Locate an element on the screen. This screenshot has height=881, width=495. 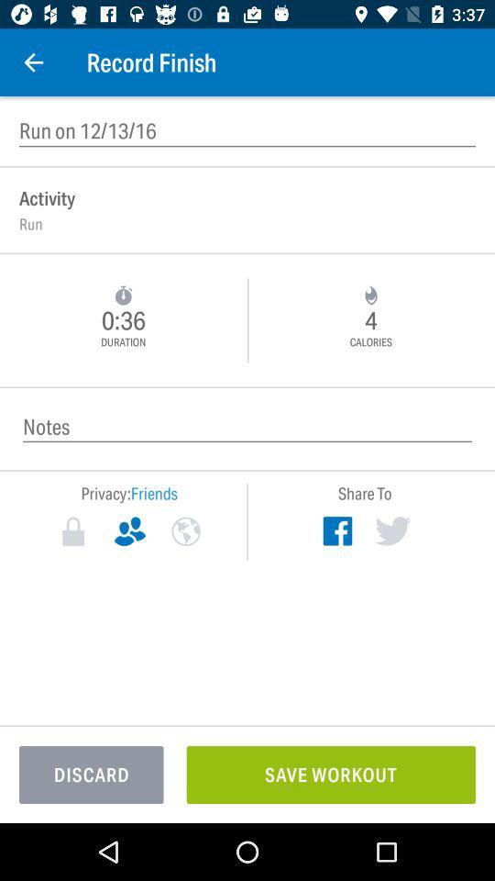
the globe icon is located at coordinates (185, 531).